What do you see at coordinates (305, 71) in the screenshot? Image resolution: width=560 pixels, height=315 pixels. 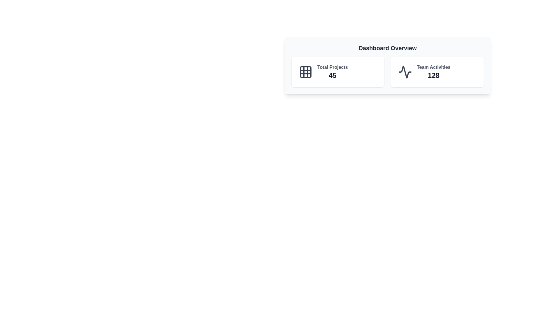 I see `the grid icon located in the top-left section of the 'Total Projects' card` at bounding box center [305, 71].